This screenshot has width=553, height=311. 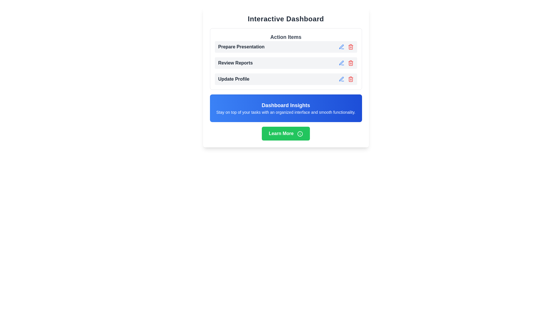 What do you see at coordinates (235, 63) in the screenshot?
I see `the second text label` at bounding box center [235, 63].